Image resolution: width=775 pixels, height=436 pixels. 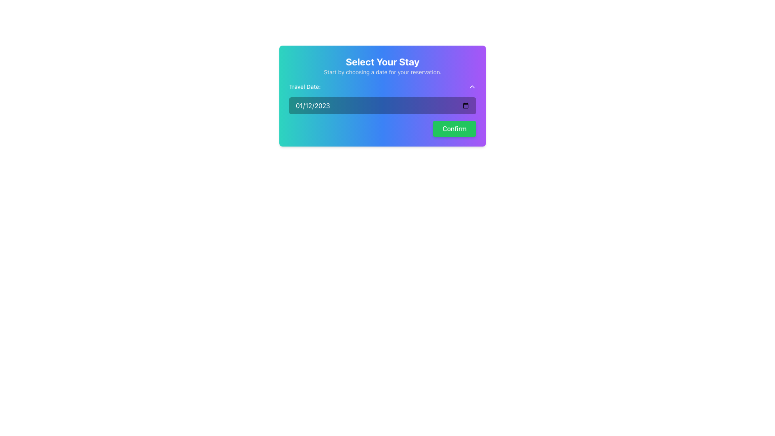 I want to click on the text label displaying 'Travel Date:' which is positioned on a gradient background to the far-left of the input field and dropdown icon, so click(x=304, y=87).